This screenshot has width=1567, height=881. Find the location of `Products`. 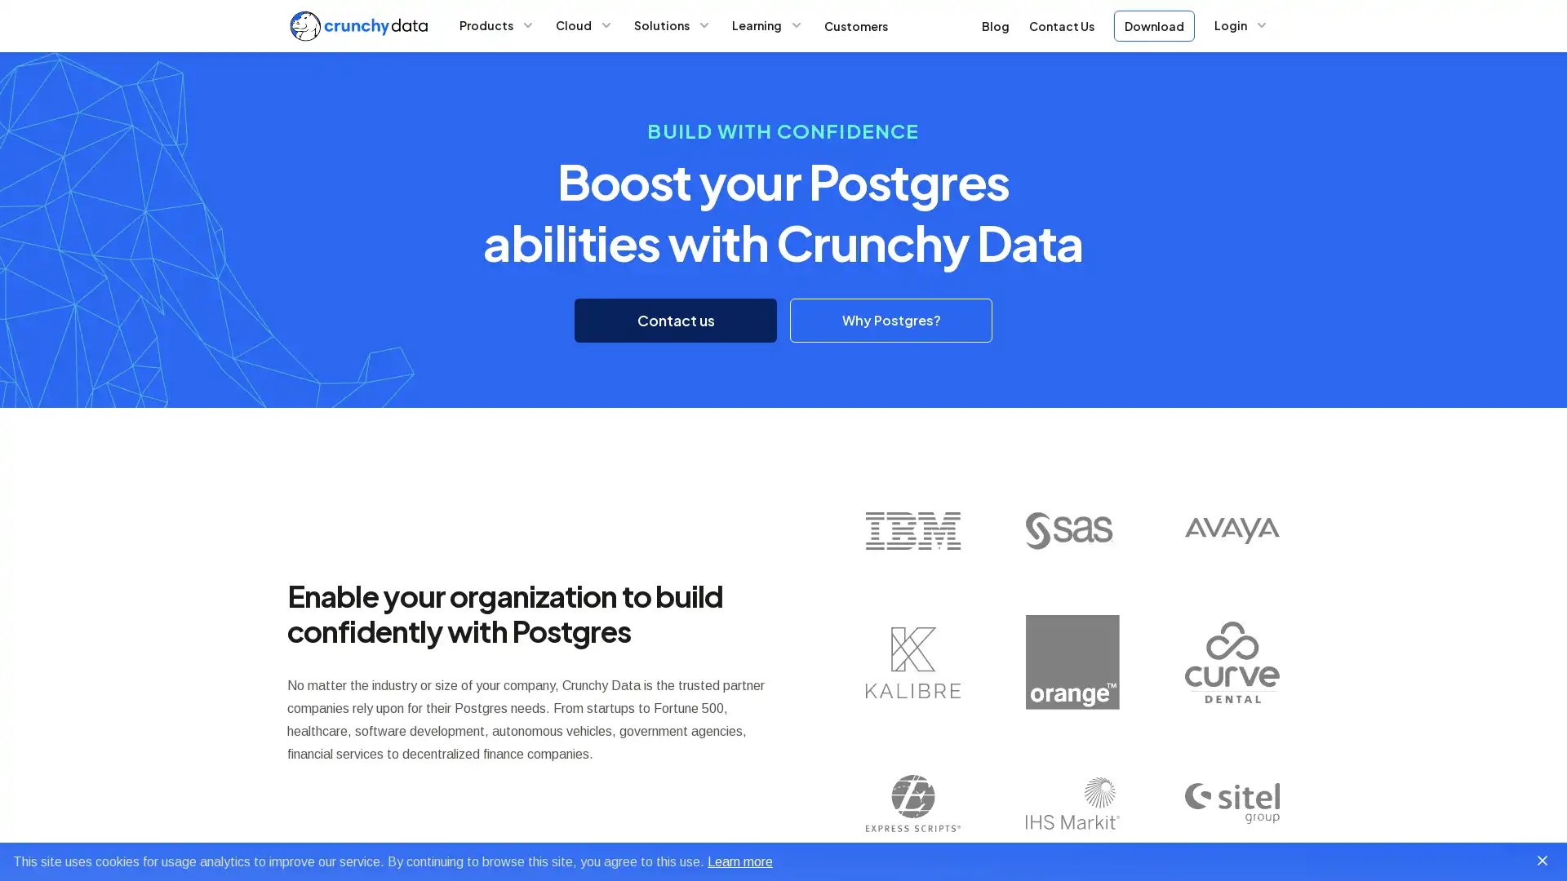

Products is located at coordinates (496, 24).